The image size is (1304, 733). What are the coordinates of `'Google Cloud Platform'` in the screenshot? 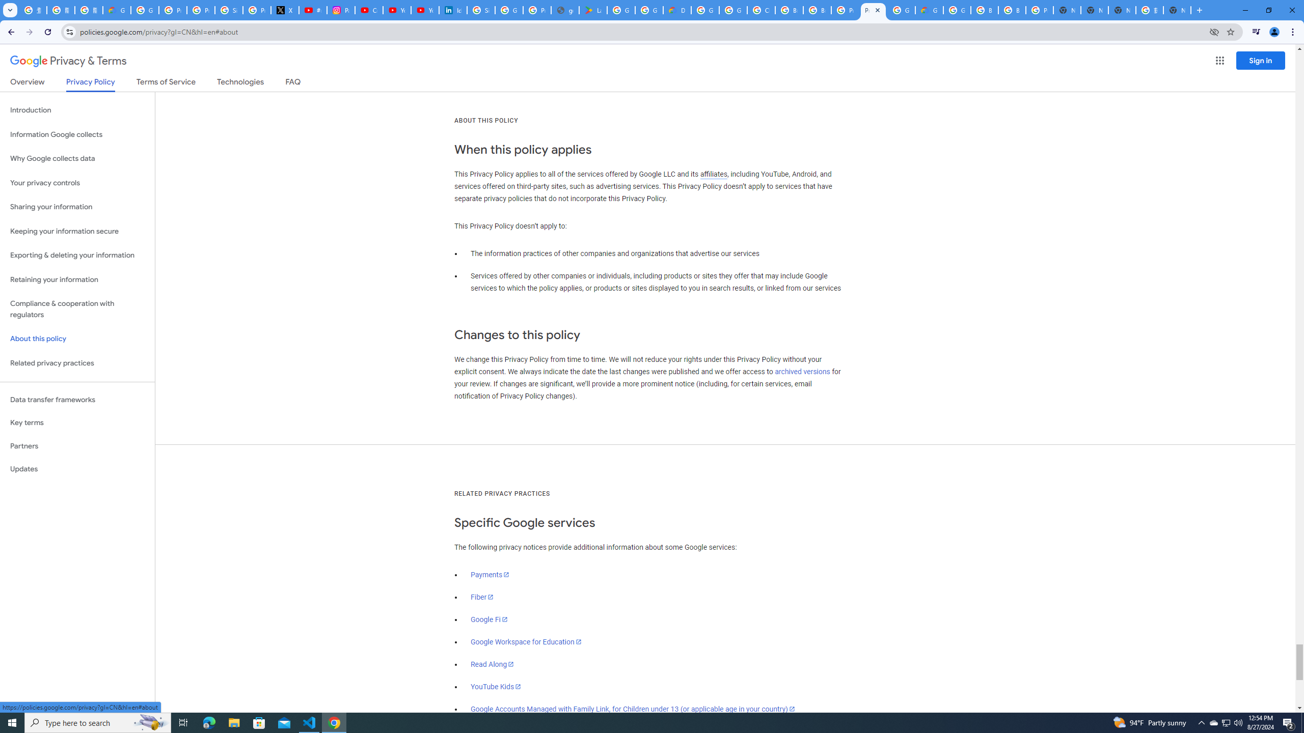 It's located at (901, 10).